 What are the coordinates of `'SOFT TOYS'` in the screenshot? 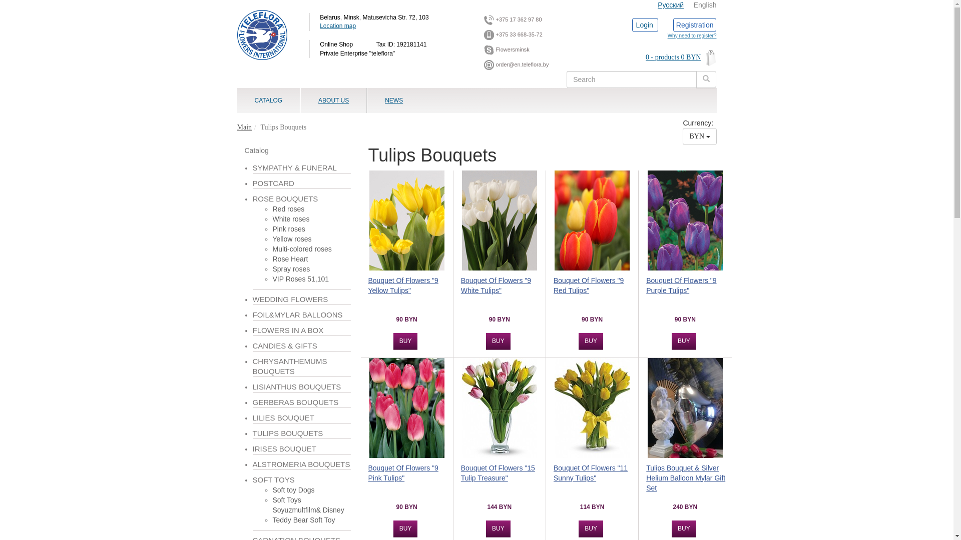 It's located at (273, 479).